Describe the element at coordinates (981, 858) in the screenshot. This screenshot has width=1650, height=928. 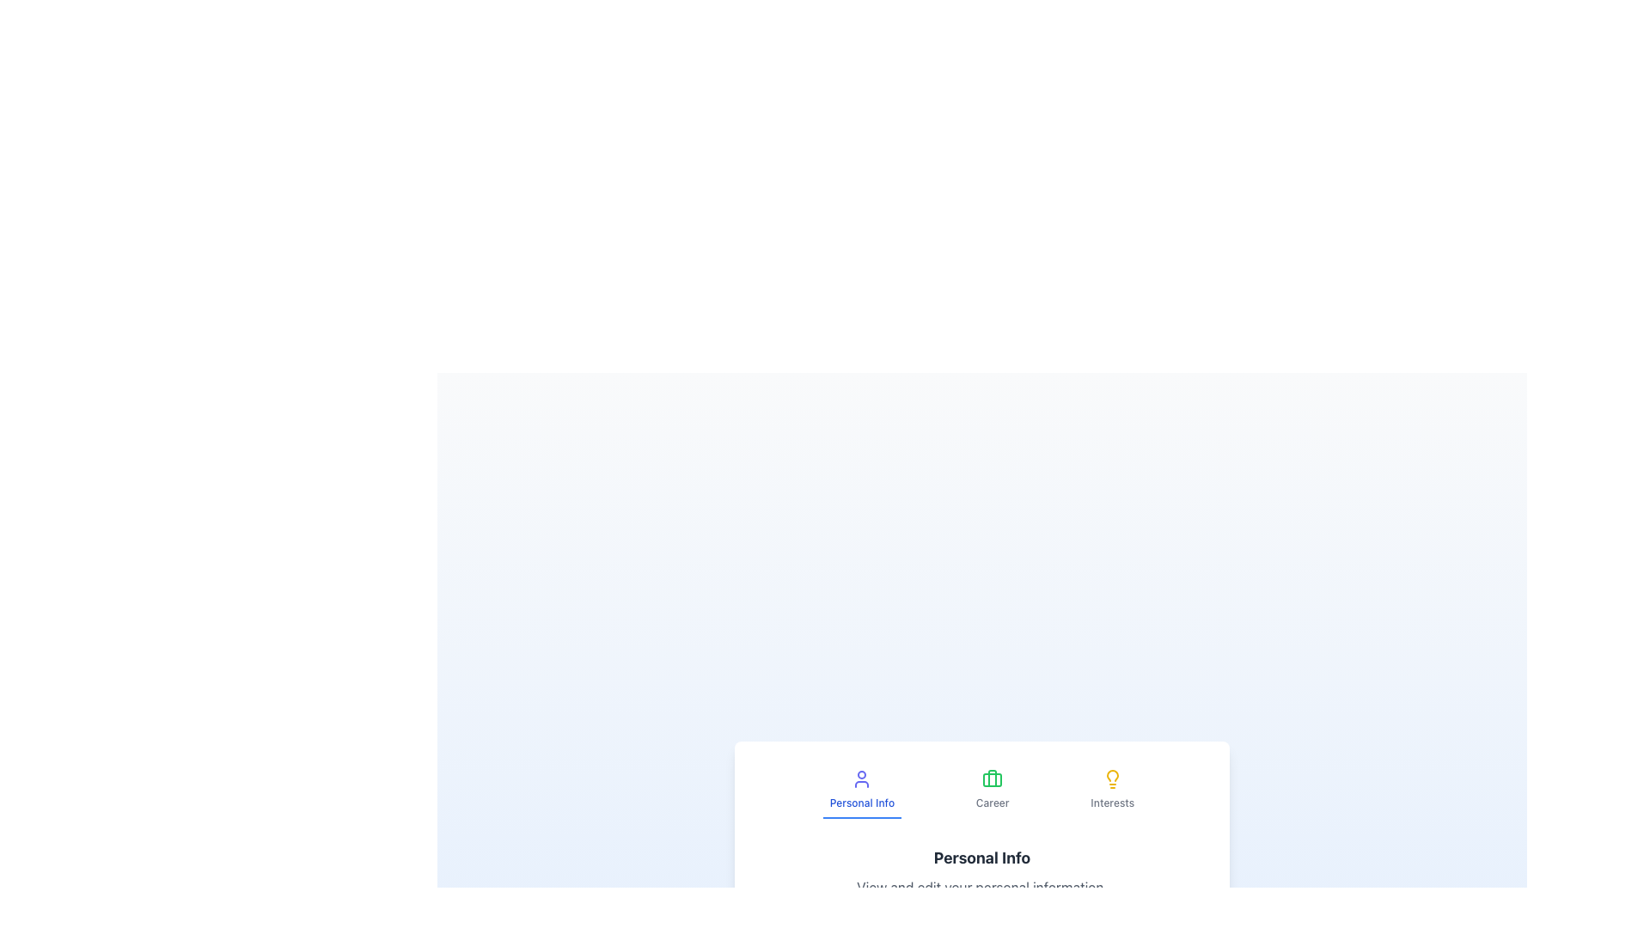
I see `the 'Personal Info' text label, which serves as a section identifier above the text 'View and edit your personal information'` at that location.